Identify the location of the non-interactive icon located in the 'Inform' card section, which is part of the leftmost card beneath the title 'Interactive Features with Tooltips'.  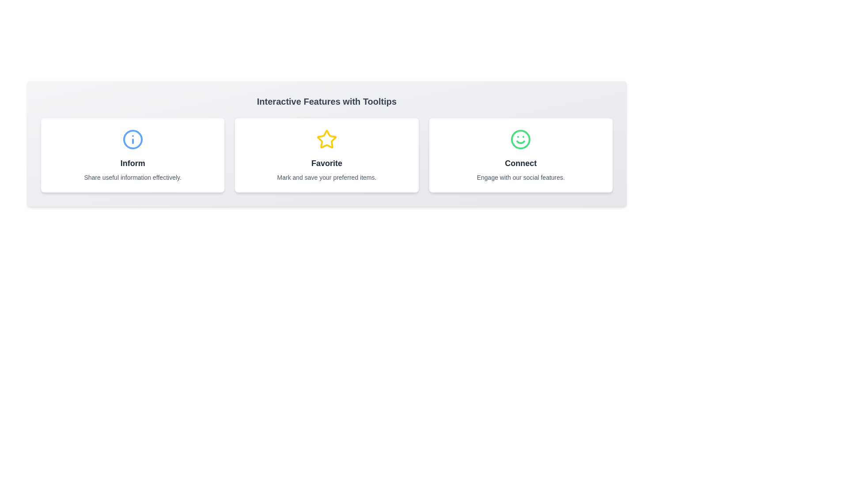
(132, 139).